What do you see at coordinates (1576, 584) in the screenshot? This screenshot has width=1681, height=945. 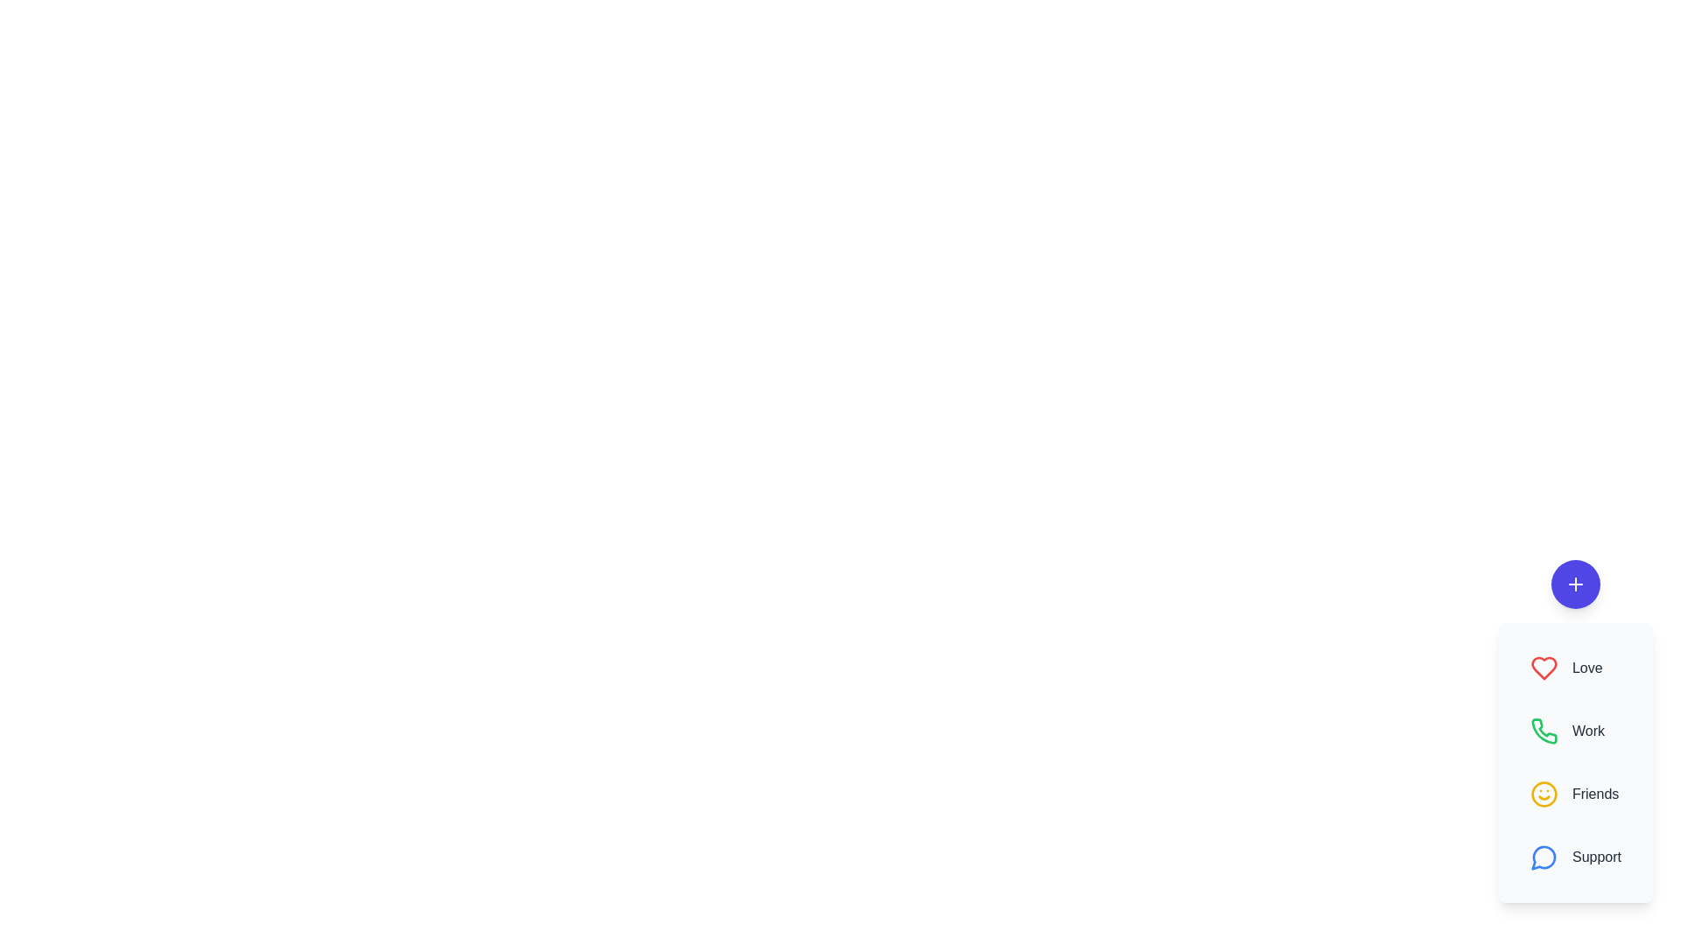 I see `the floating action button to toggle the menu` at bounding box center [1576, 584].